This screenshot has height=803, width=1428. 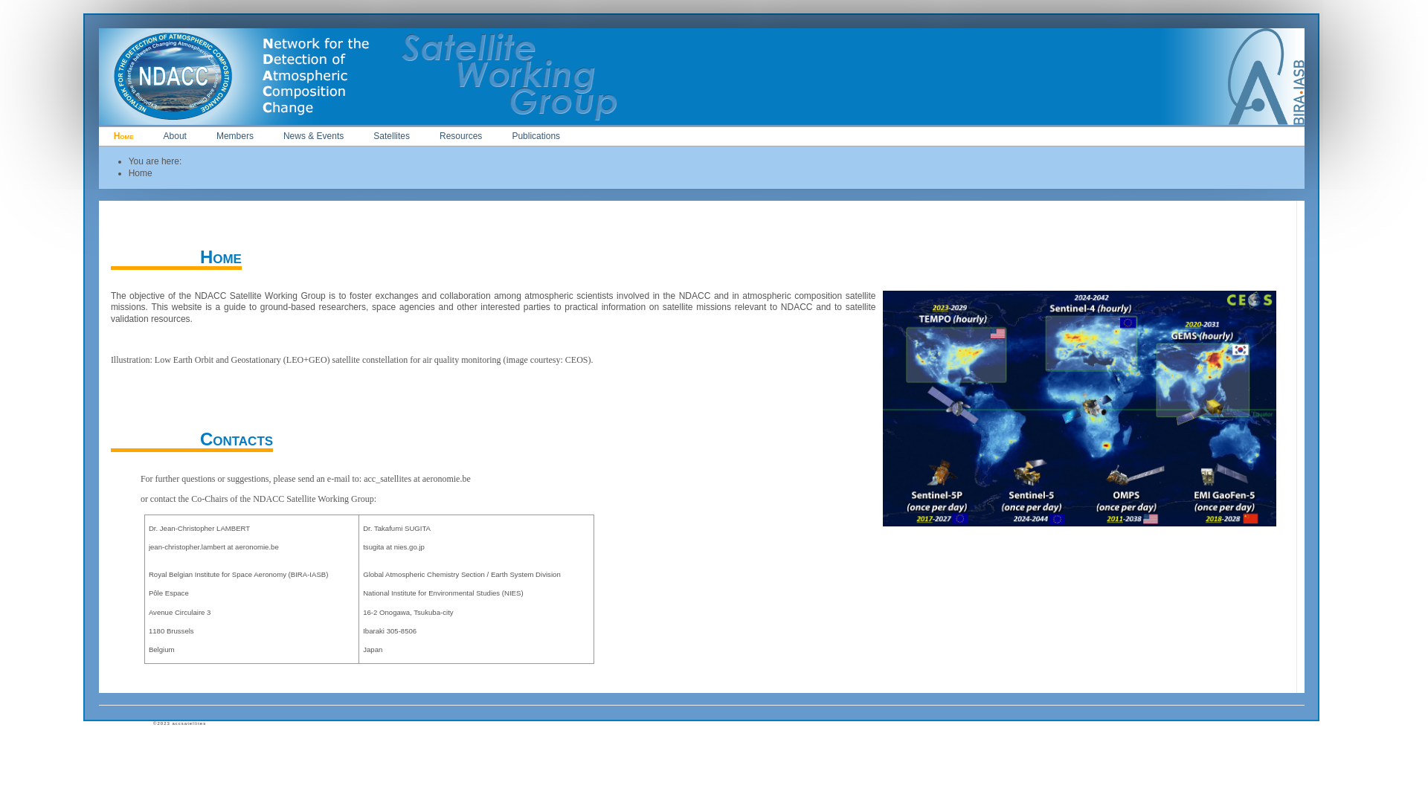 I want to click on 'Members', so click(x=200, y=135).